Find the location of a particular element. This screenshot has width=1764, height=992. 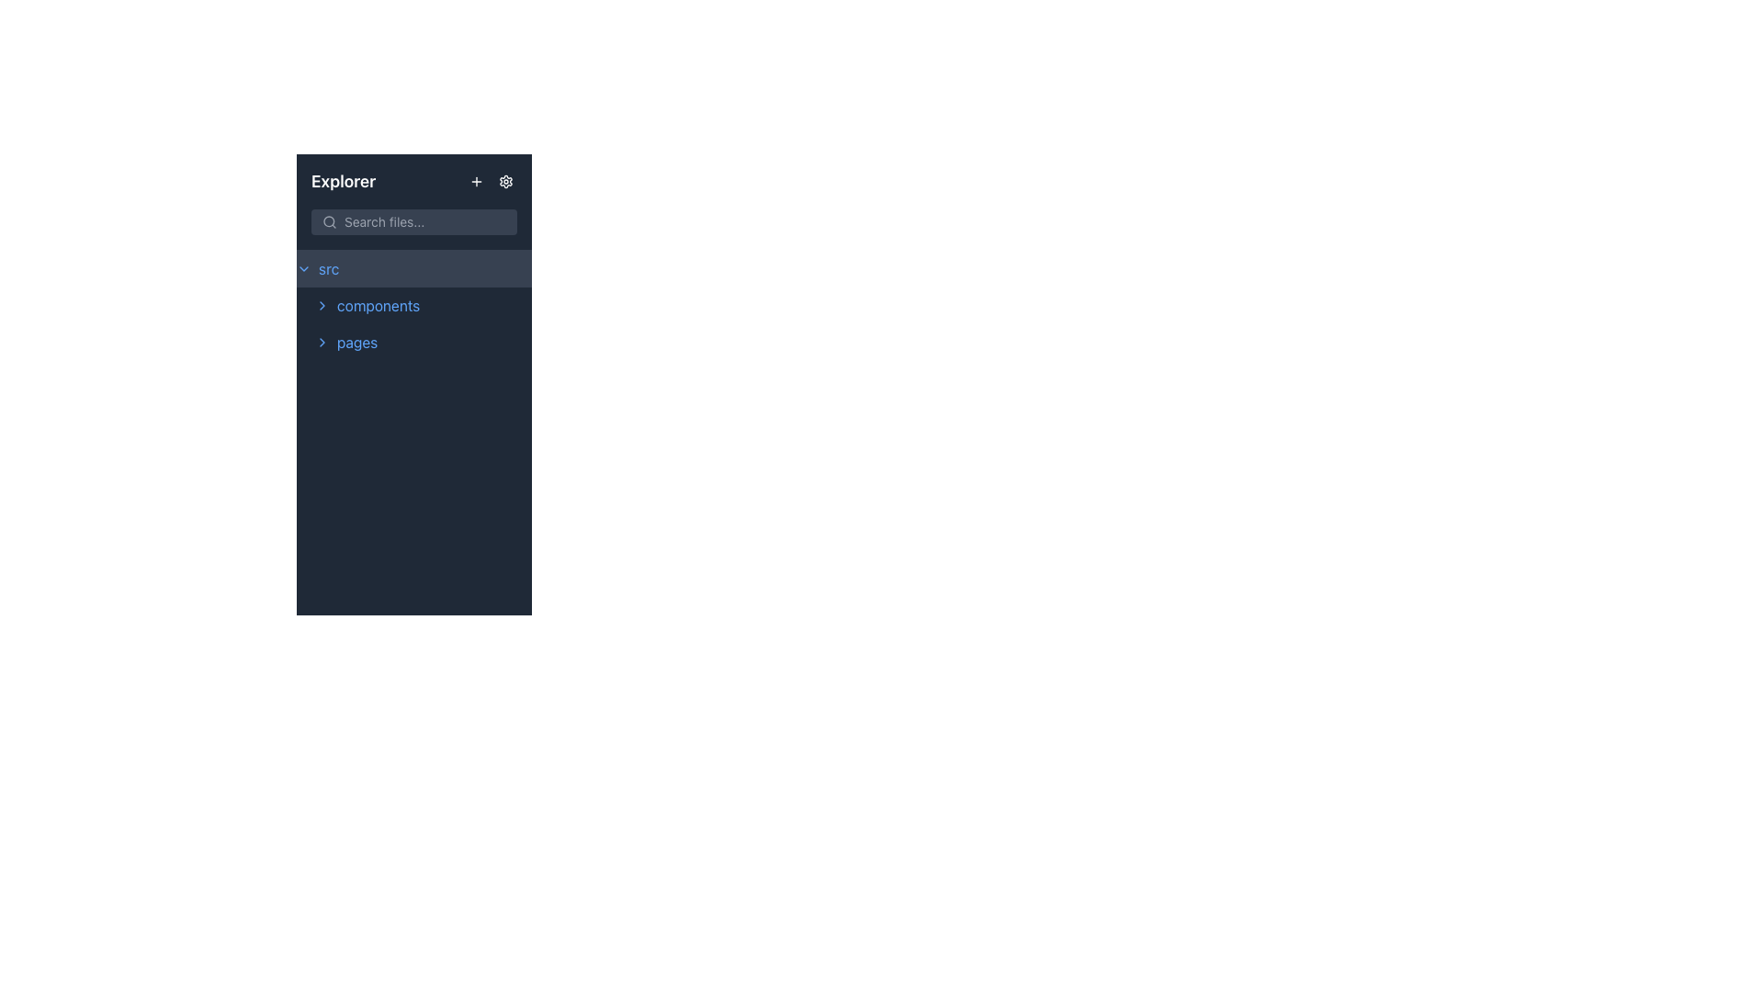

the settings icon located at the top-right corner of the Explorer panel is located at coordinates (506, 181).